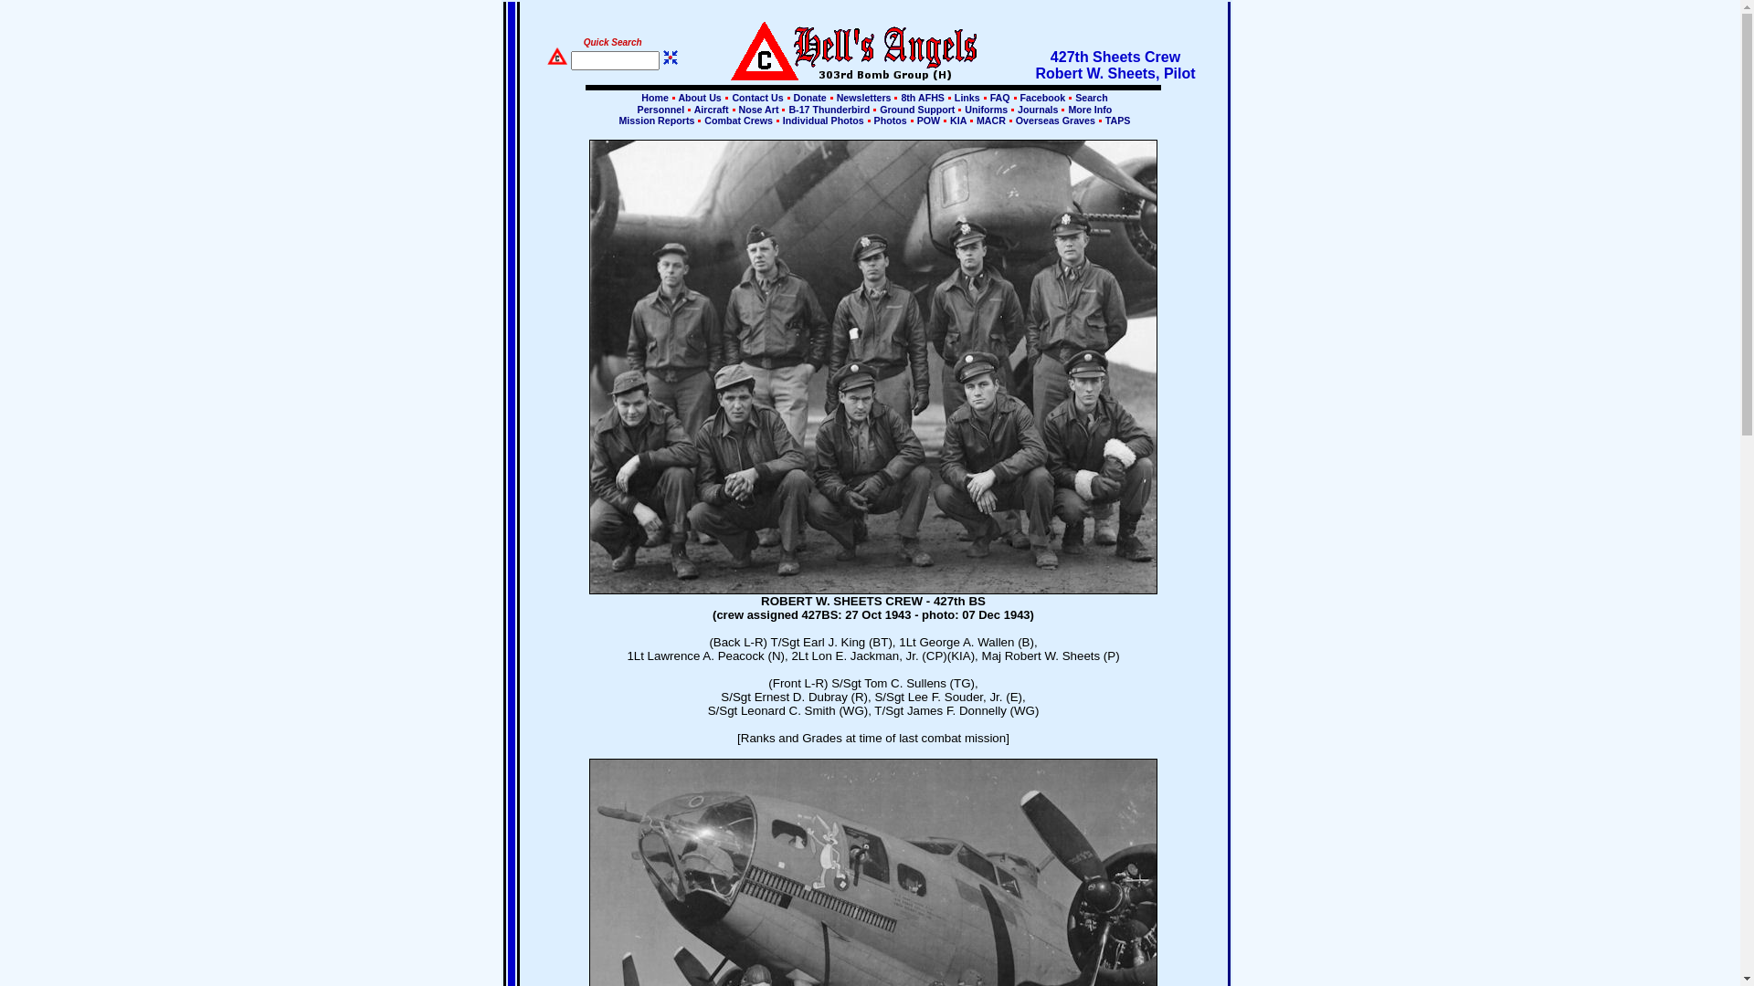  Describe the element at coordinates (871, 120) in the screenshot. I see `'Photos'` at that location.